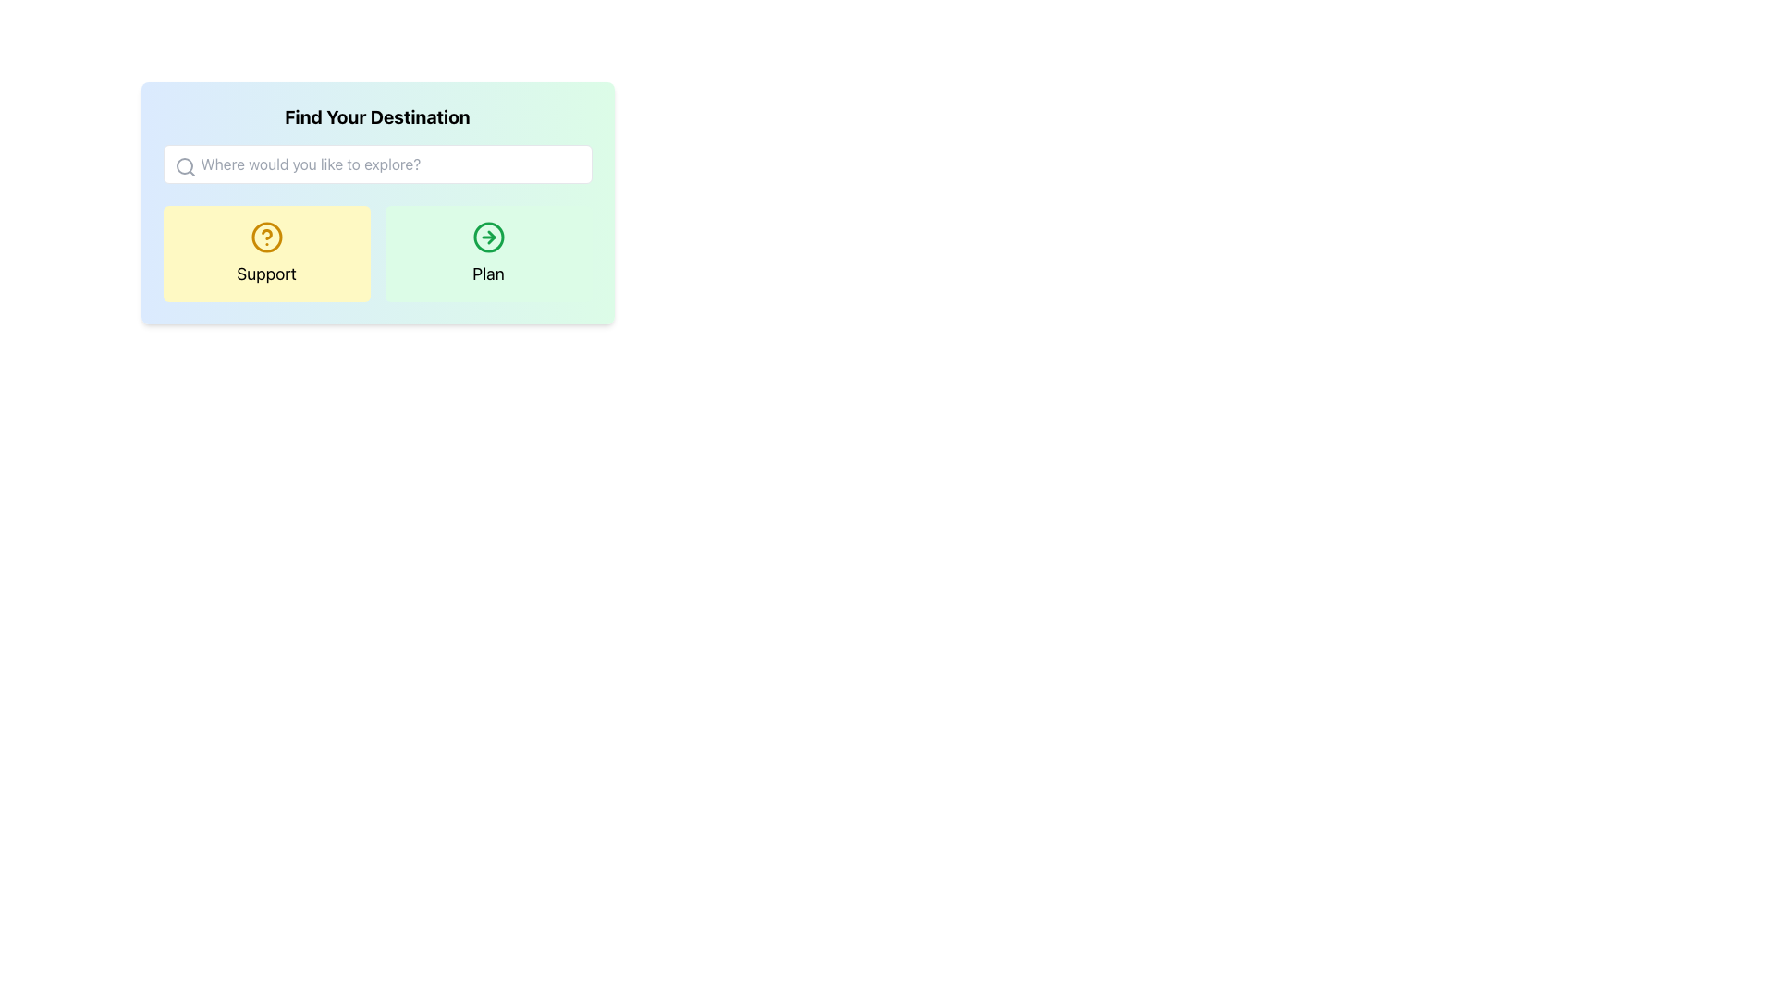  I want to click on the graphic decoration within the SVG icon of the yellow 'Support' button, so click(265, 233).